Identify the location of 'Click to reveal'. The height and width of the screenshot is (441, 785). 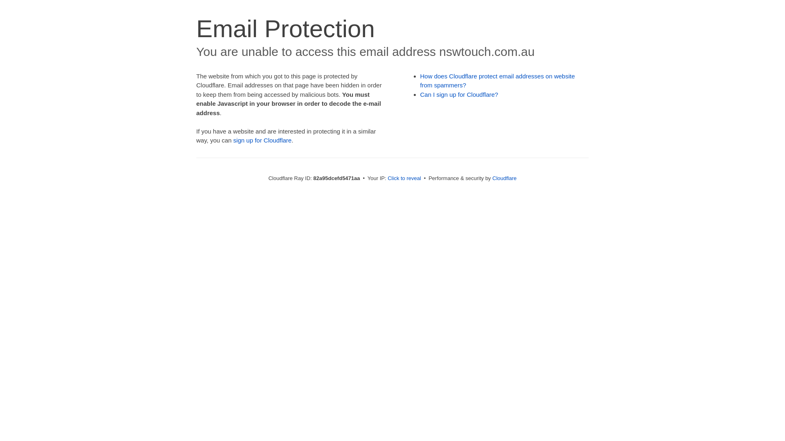
(404, 178).